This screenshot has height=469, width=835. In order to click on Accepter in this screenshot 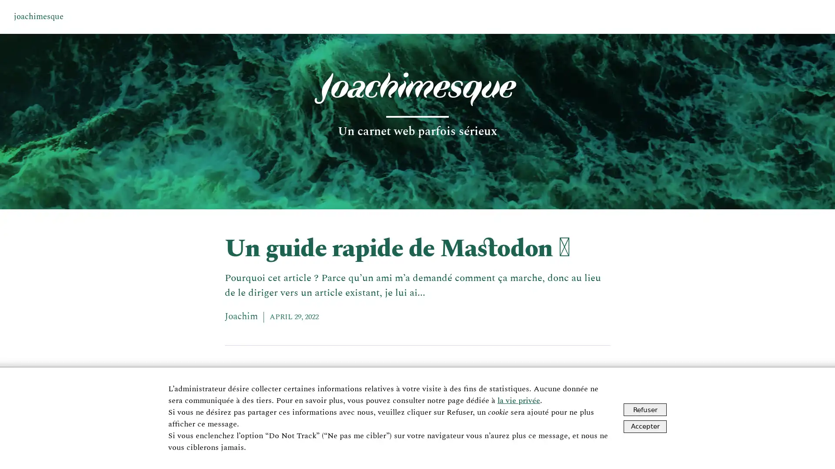, I will do `click(645, 426)`.